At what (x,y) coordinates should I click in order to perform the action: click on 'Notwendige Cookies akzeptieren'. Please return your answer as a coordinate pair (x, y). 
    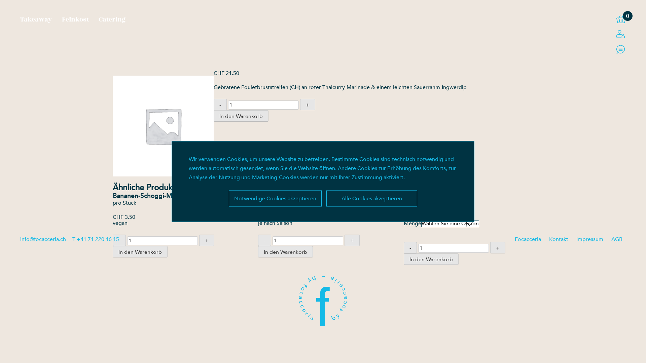
    Looking at the image, I should click on (275, 198).